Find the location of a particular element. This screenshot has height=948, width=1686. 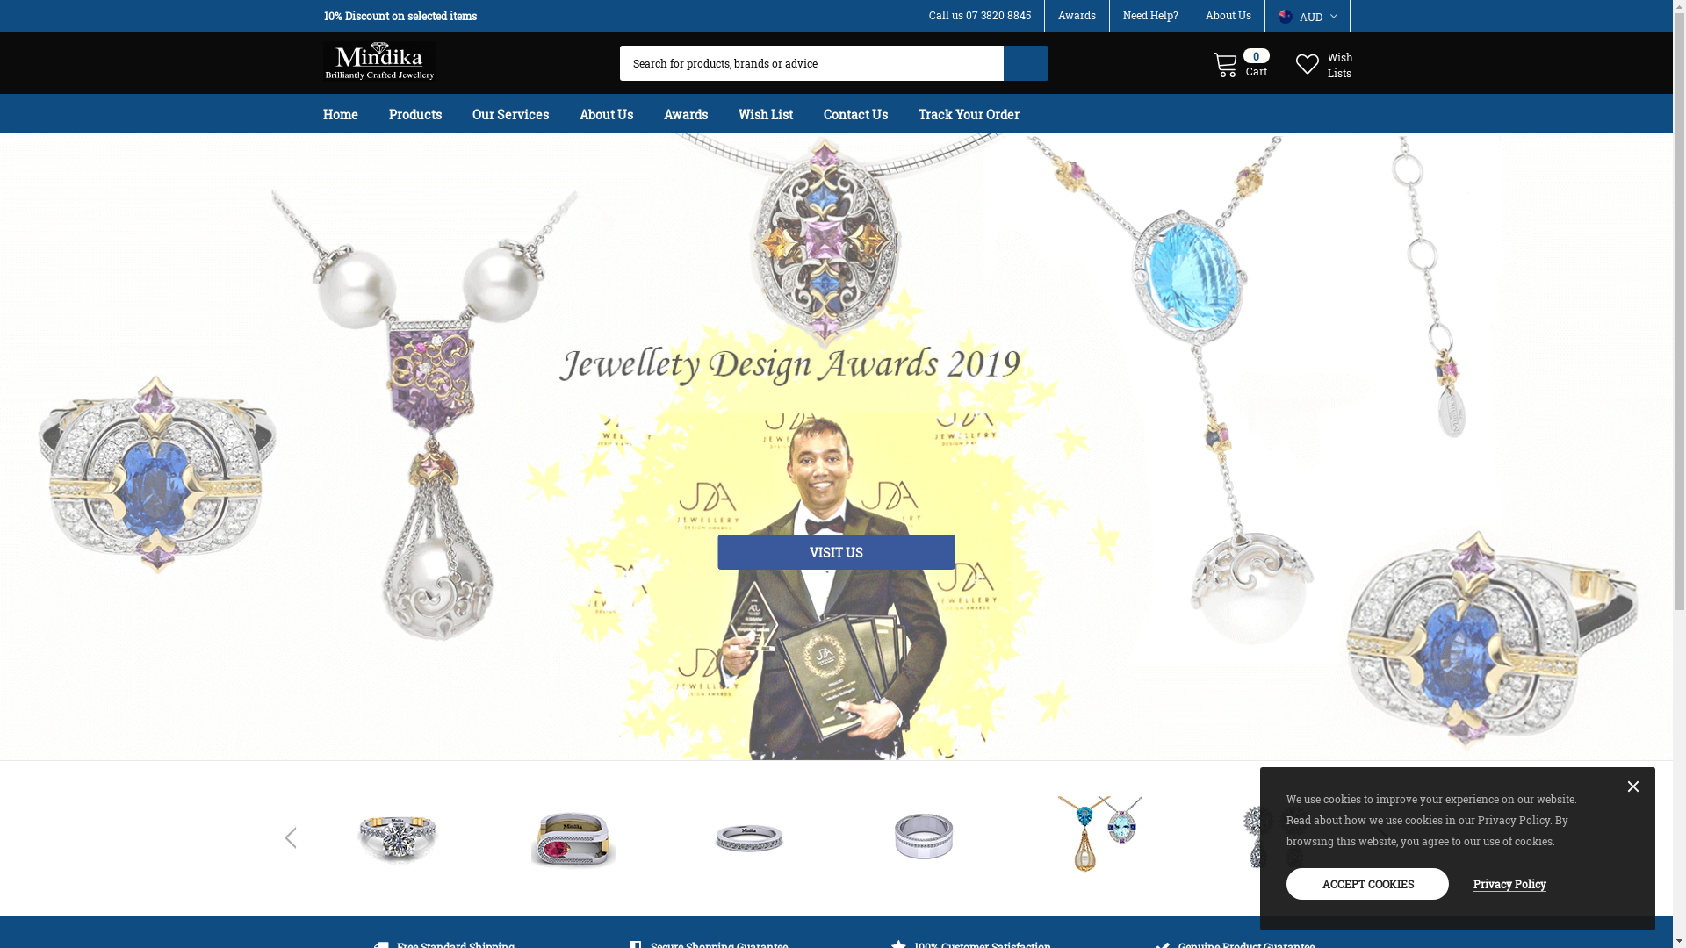

'VISIT US' is located at coordinates (717, 550).